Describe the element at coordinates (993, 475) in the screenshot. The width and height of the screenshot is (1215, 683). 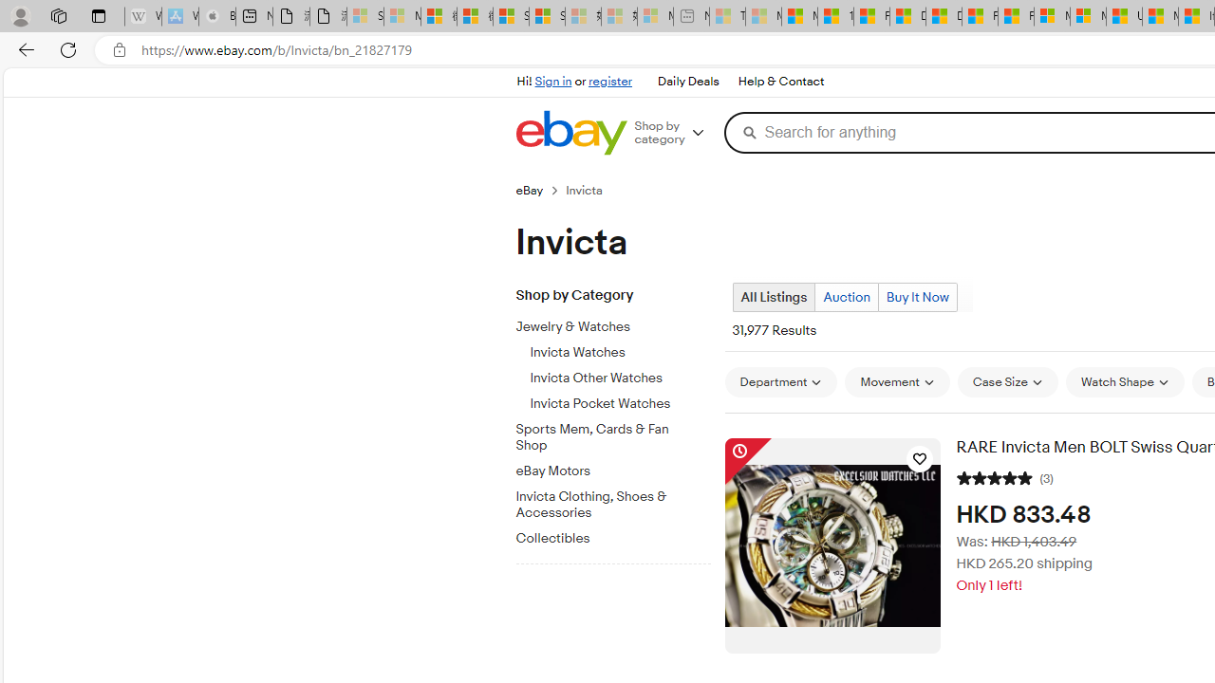
I see `'5 out of 5 stars'` at that location.